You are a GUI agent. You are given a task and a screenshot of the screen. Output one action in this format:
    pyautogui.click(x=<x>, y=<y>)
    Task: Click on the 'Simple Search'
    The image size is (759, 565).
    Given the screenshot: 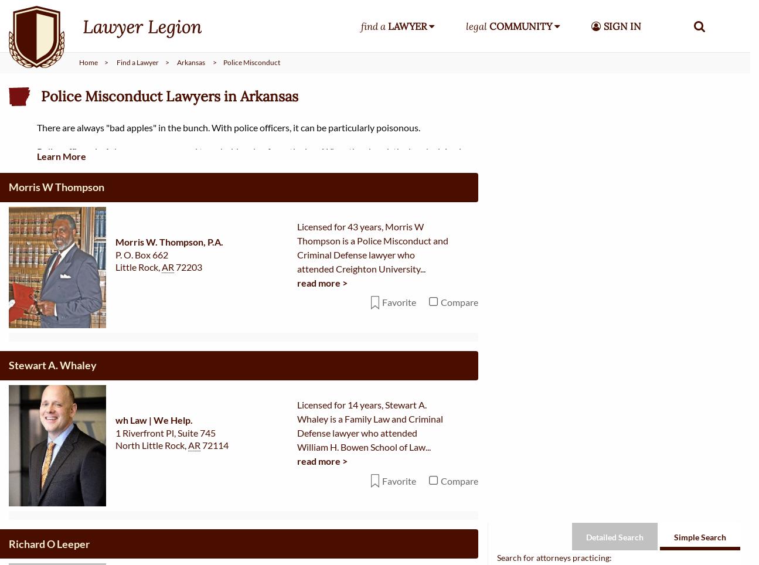 What is the action you would take?
    pyautogui.click(x=699, y=33)
    